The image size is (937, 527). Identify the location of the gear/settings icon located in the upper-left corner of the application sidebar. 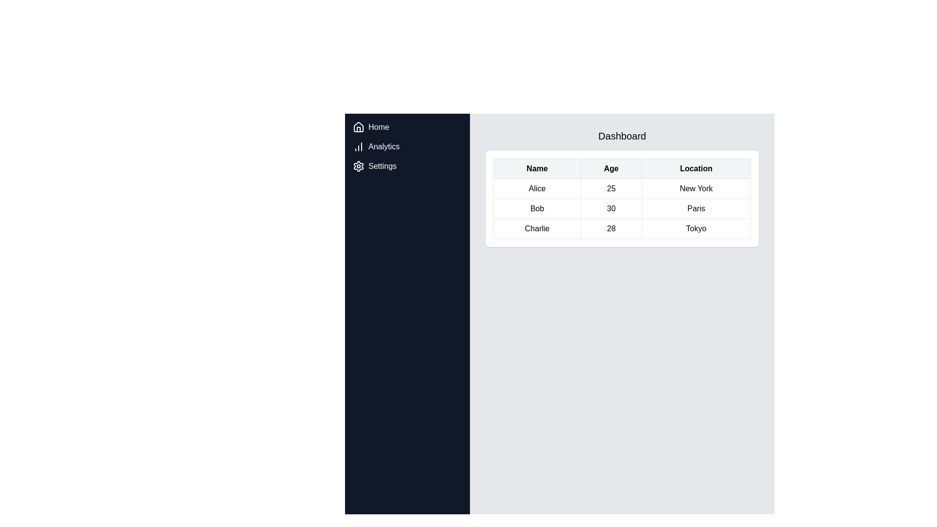
(358, 165).